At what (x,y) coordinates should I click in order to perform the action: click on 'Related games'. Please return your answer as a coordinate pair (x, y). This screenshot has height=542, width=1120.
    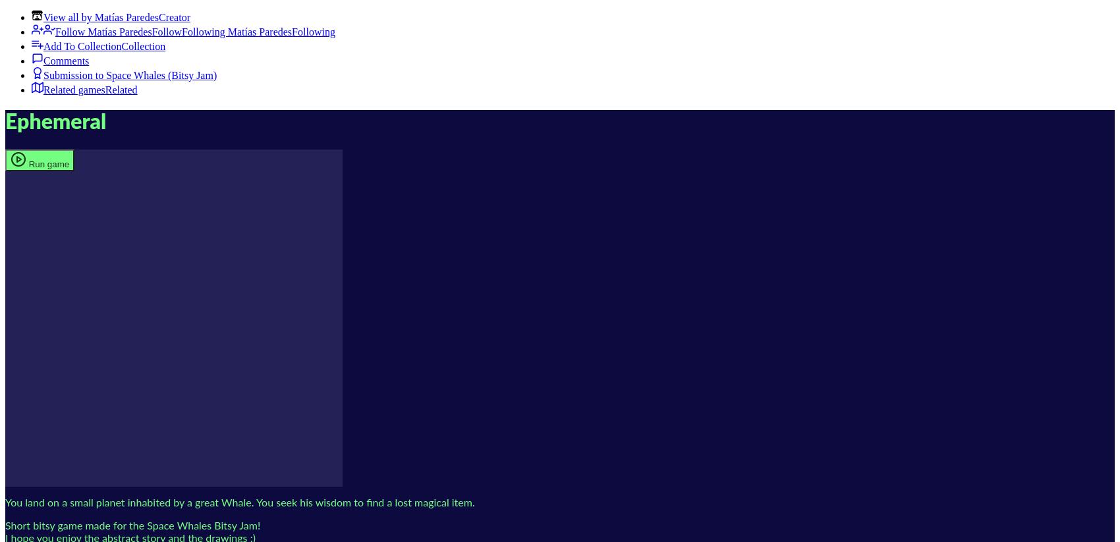
    Looking at the image, I should click on (73, 90).